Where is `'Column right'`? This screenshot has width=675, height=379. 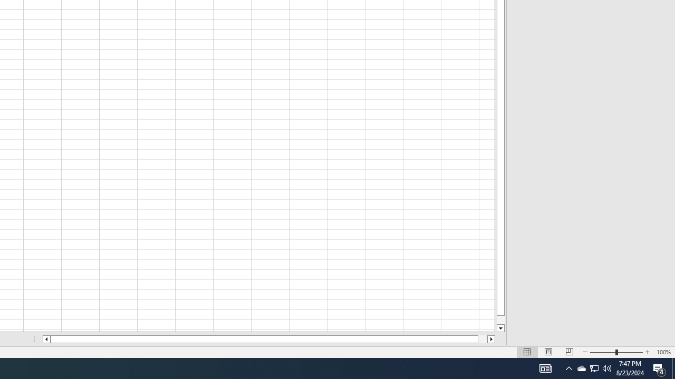
'Column right' is located at coordinates (491, 339).